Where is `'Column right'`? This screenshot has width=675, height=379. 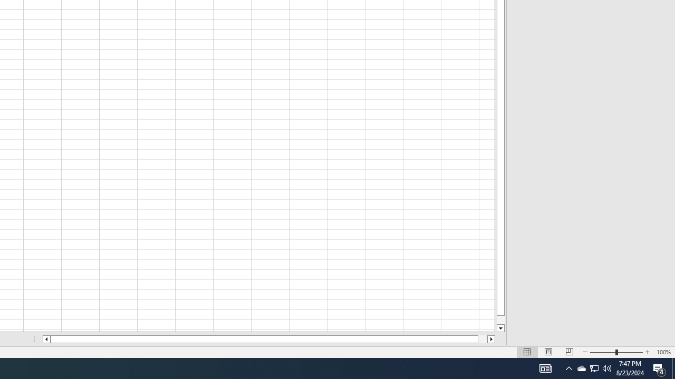
'Column right' is located at coordinates (491, 339).